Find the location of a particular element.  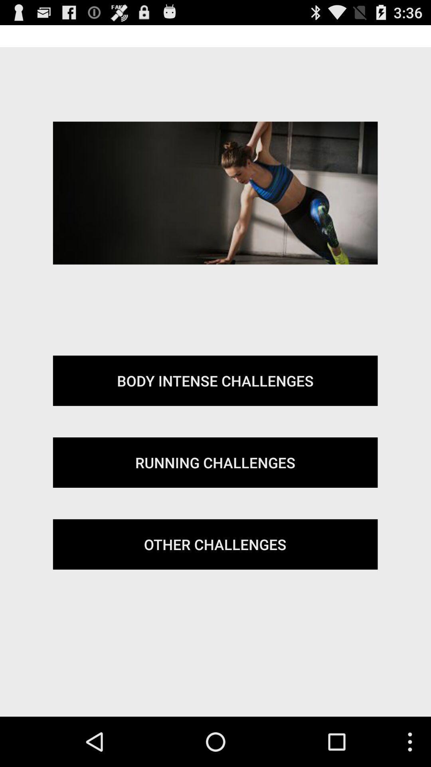

the running challenges icon is located at coordinates (215, 462).